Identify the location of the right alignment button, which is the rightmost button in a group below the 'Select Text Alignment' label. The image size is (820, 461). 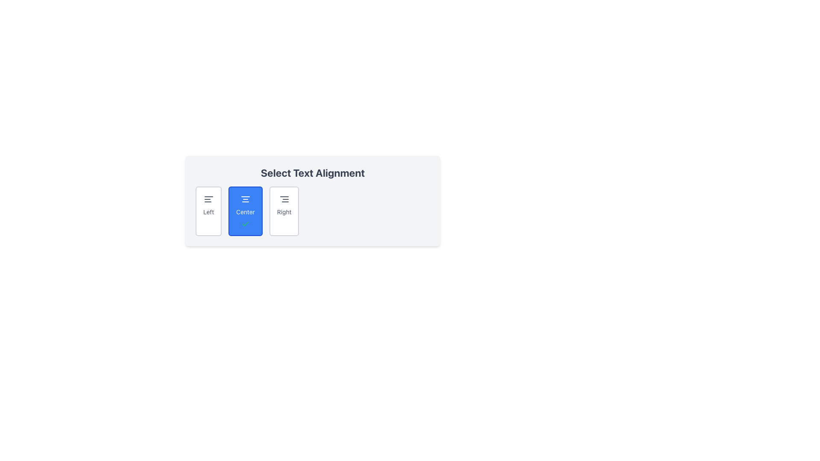
(284, 199).